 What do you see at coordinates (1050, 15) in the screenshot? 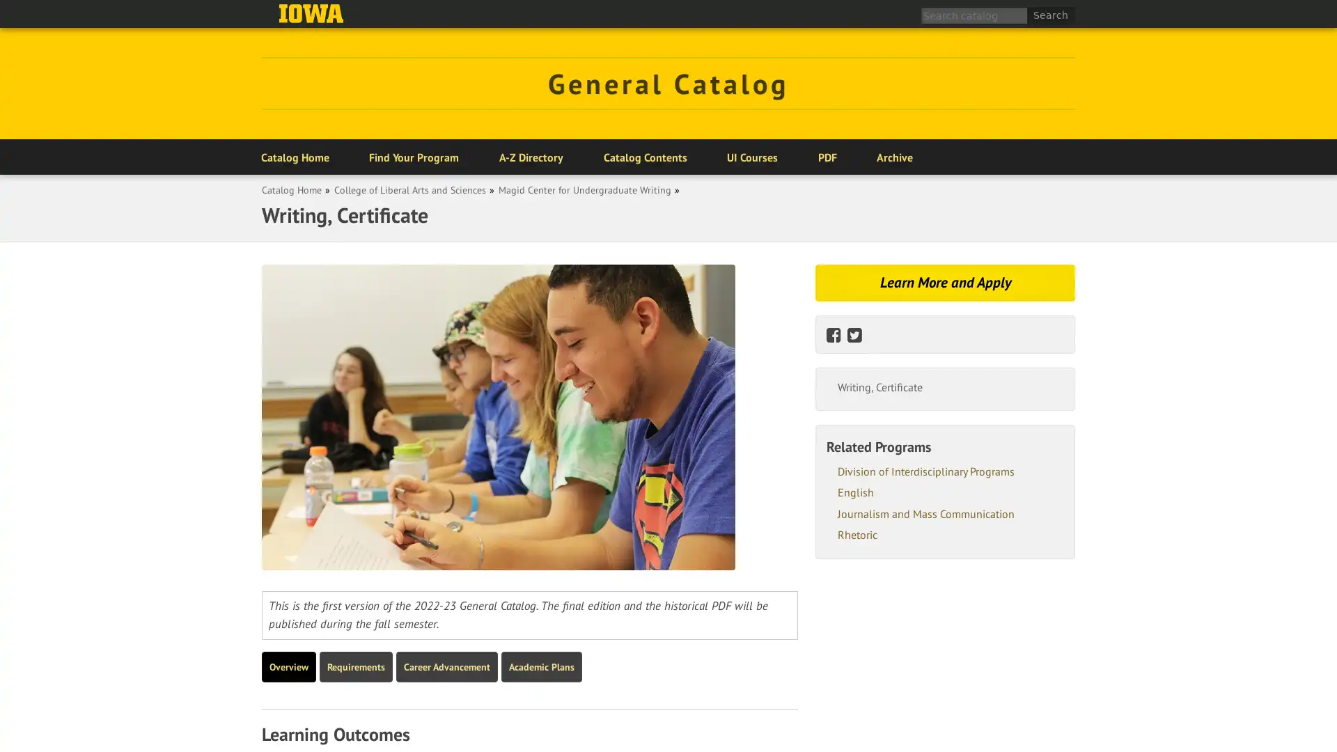
I see `Search` at bounding box center [1050, 15].